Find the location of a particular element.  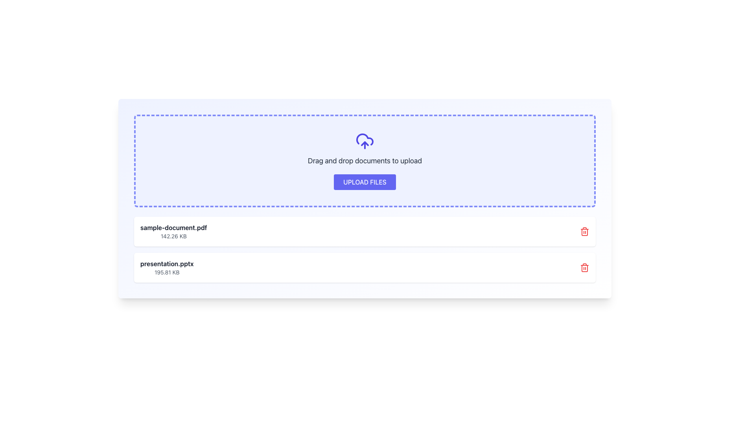

the text block that displays the file name and file size information, positioned in the first row below the file upload section within a left-aligned rectangular white box is located at coordinates (173, 231).